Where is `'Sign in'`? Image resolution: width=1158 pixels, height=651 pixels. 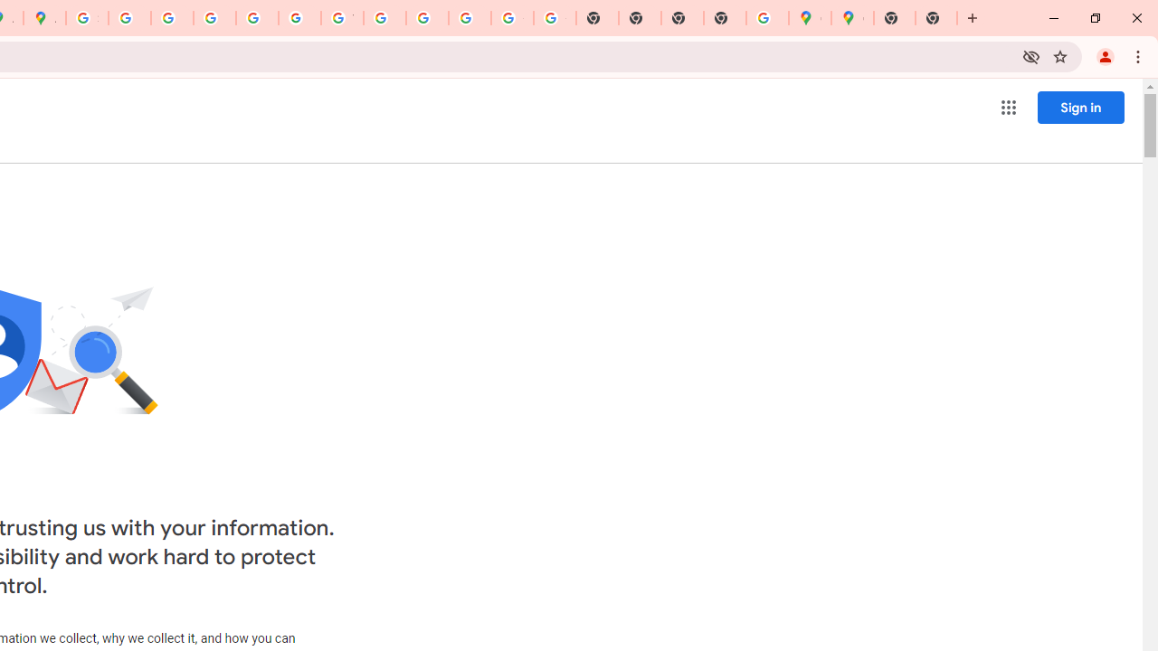 'Sign in' is located at coordinates (1080, 107).